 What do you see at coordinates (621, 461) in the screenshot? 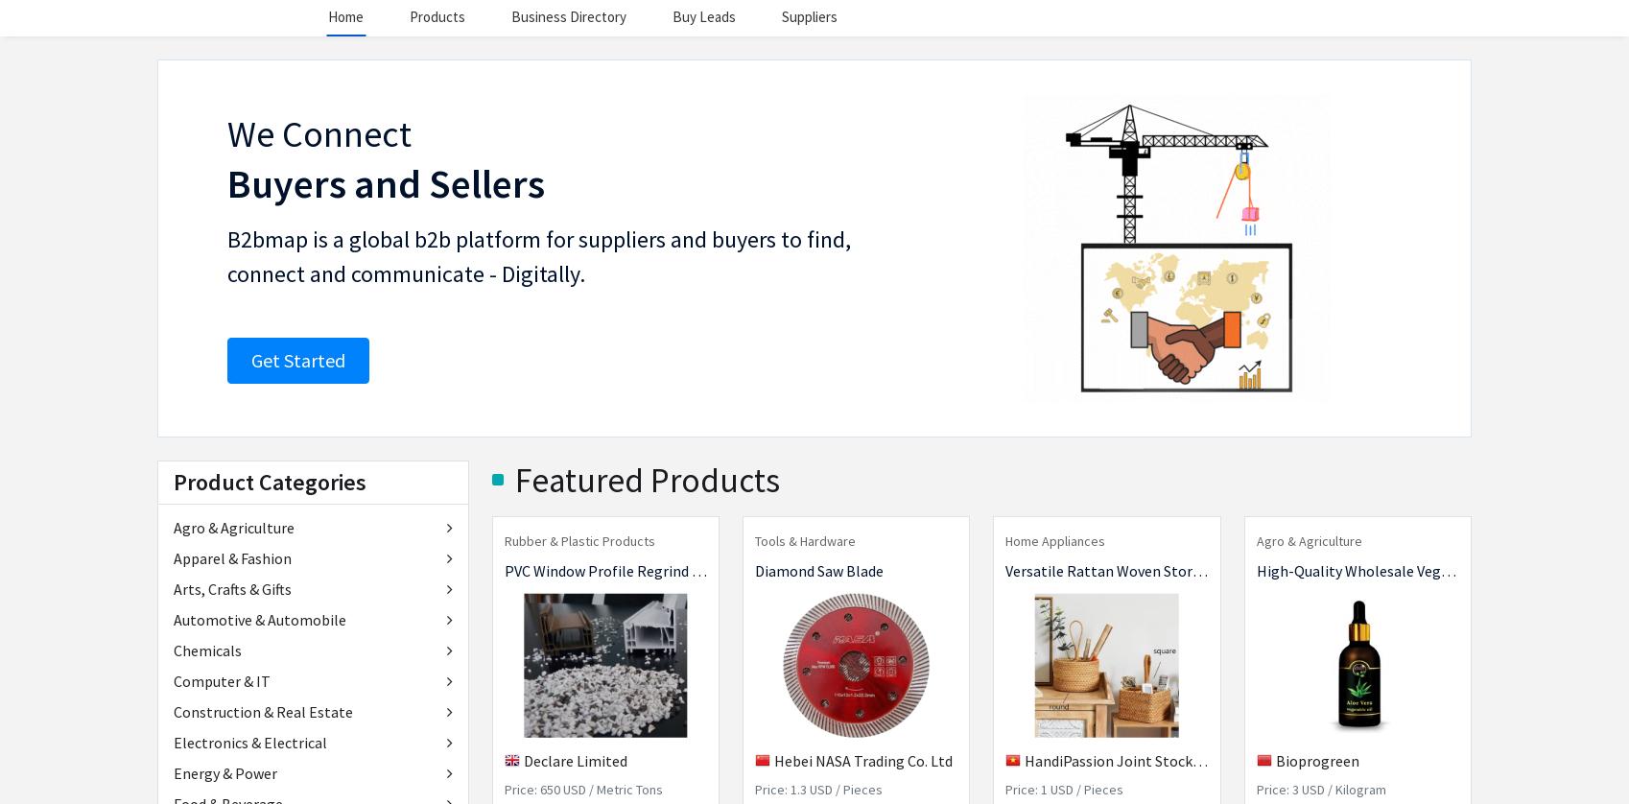
I see `'Latest Buy Requirements'` at bounding box center [621, 461].